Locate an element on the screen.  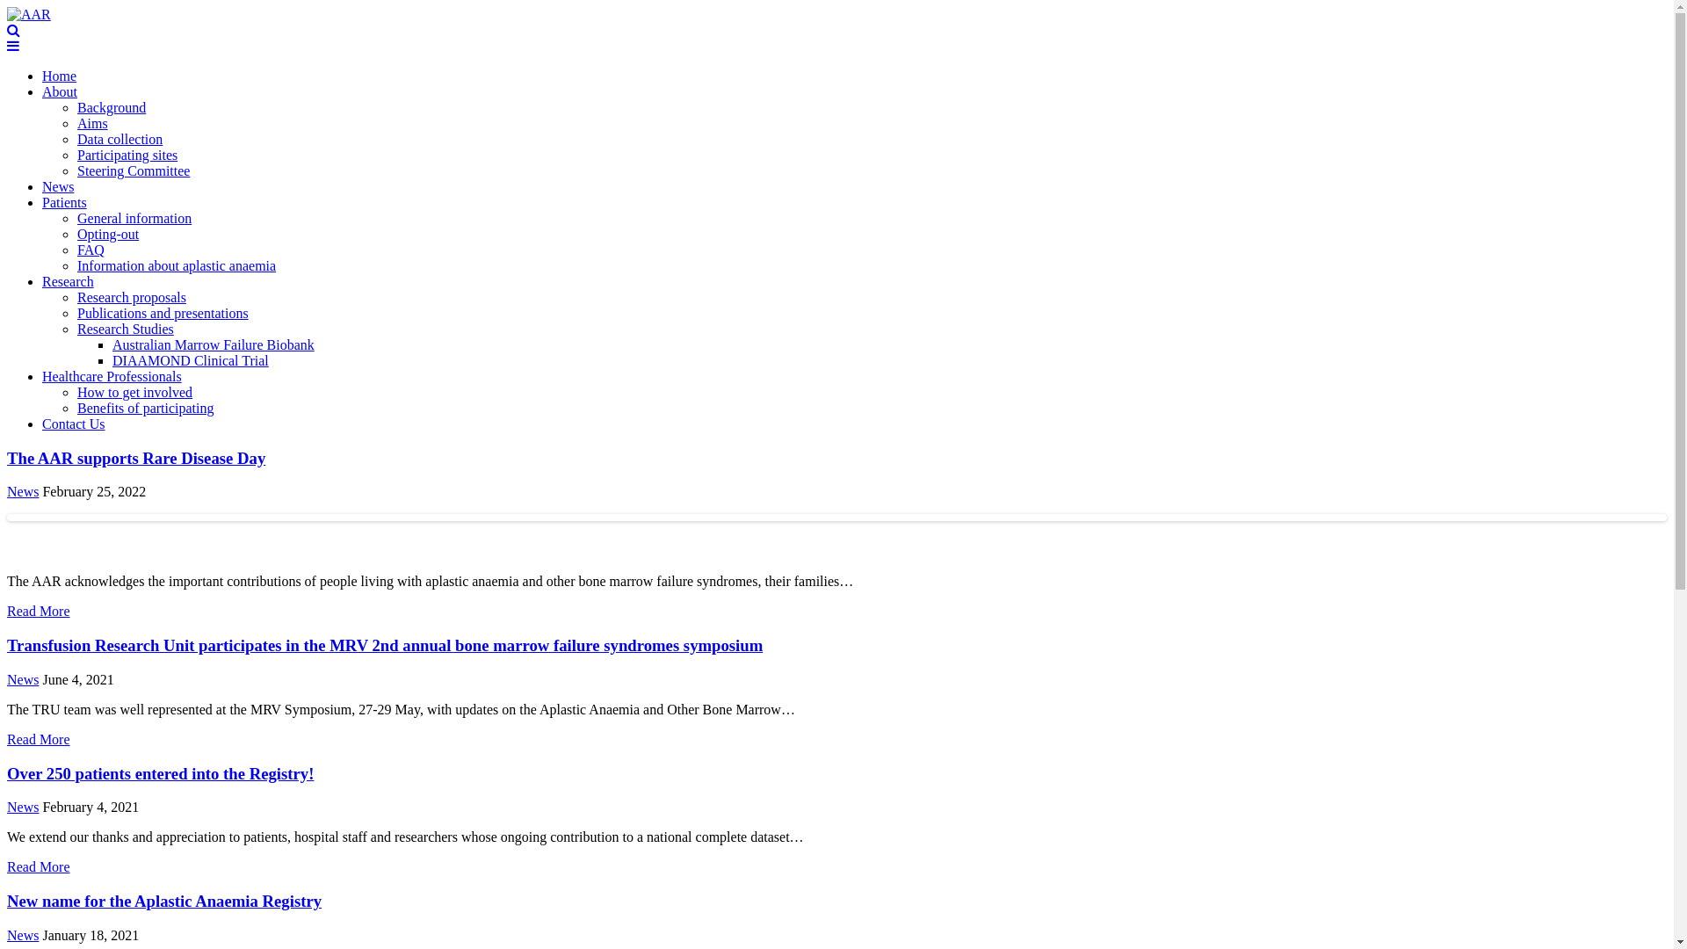
'Research proposals' is located at coordinates (76, 296).